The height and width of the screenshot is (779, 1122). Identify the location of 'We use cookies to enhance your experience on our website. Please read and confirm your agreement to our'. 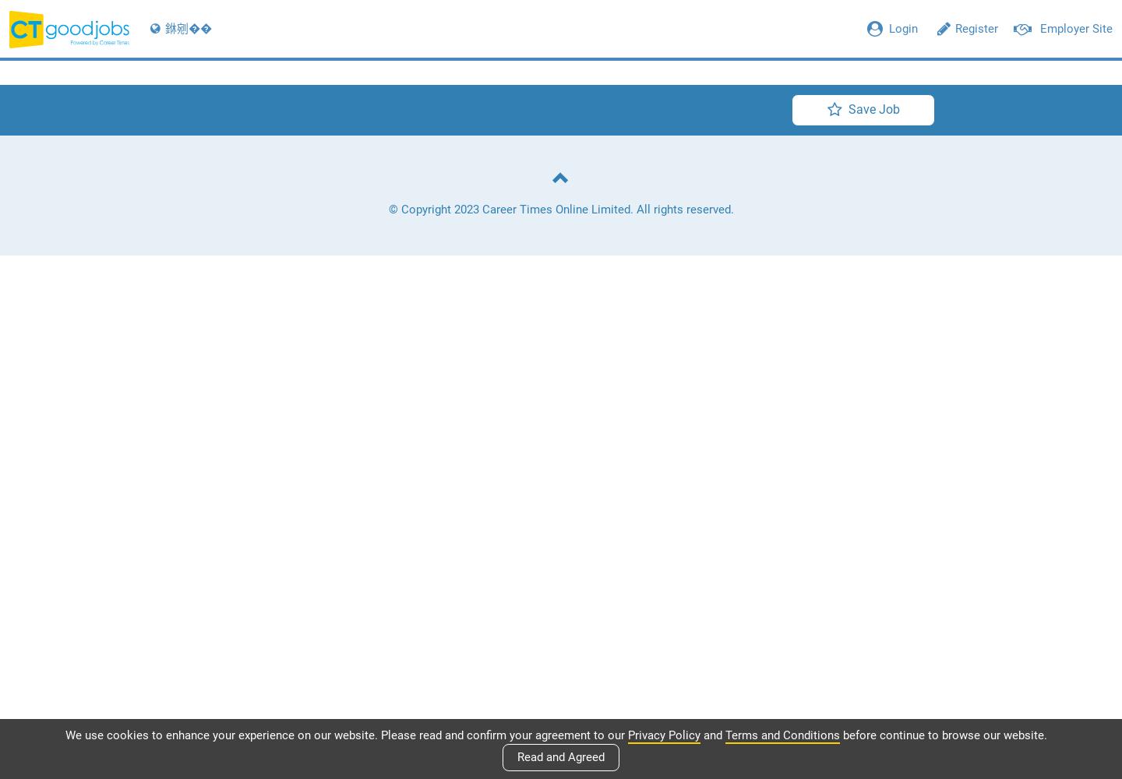
(346, 734).